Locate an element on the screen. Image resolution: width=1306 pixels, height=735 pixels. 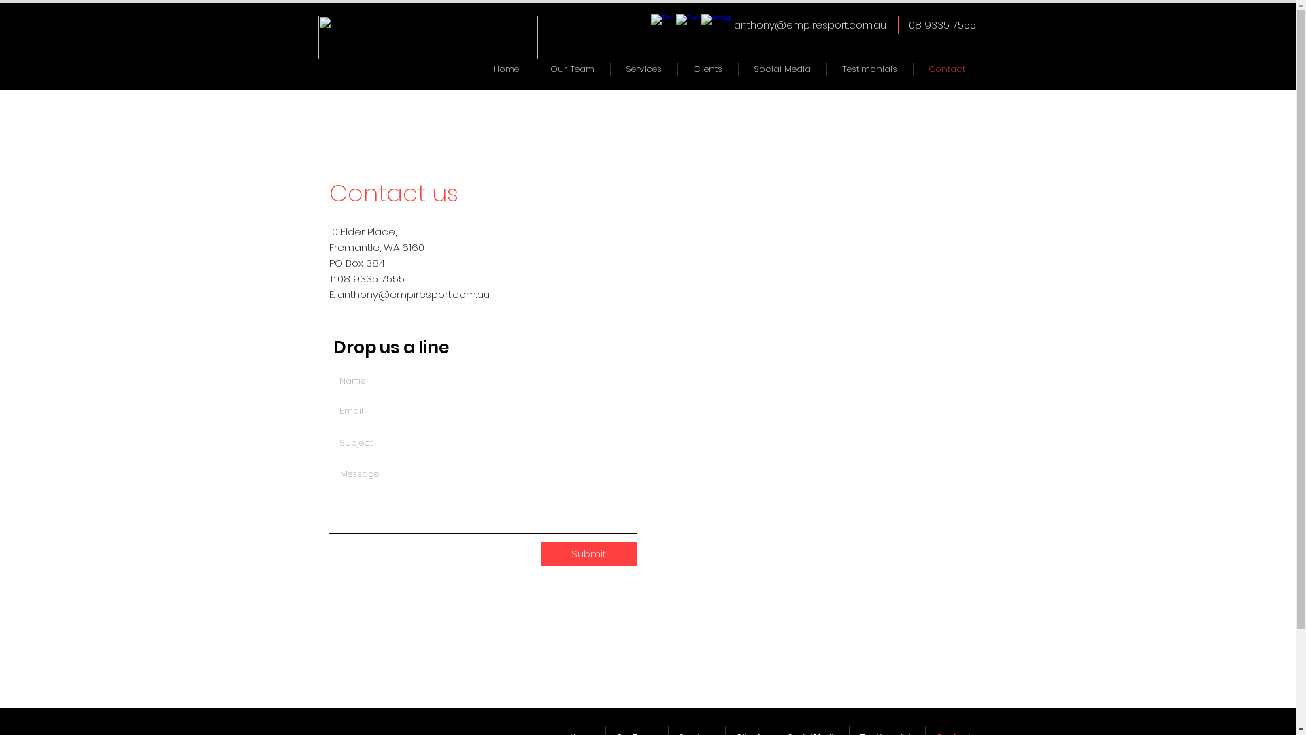
'Contact' is located at coordinates (945, 69).